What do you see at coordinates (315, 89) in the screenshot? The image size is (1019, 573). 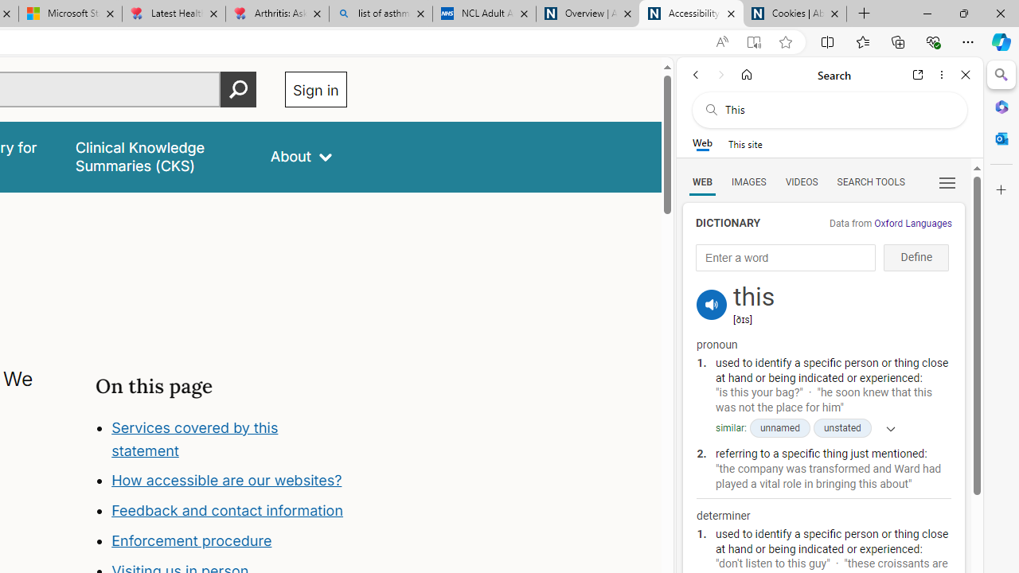 I see `'Sign in'` at bounding box center [315, 89].